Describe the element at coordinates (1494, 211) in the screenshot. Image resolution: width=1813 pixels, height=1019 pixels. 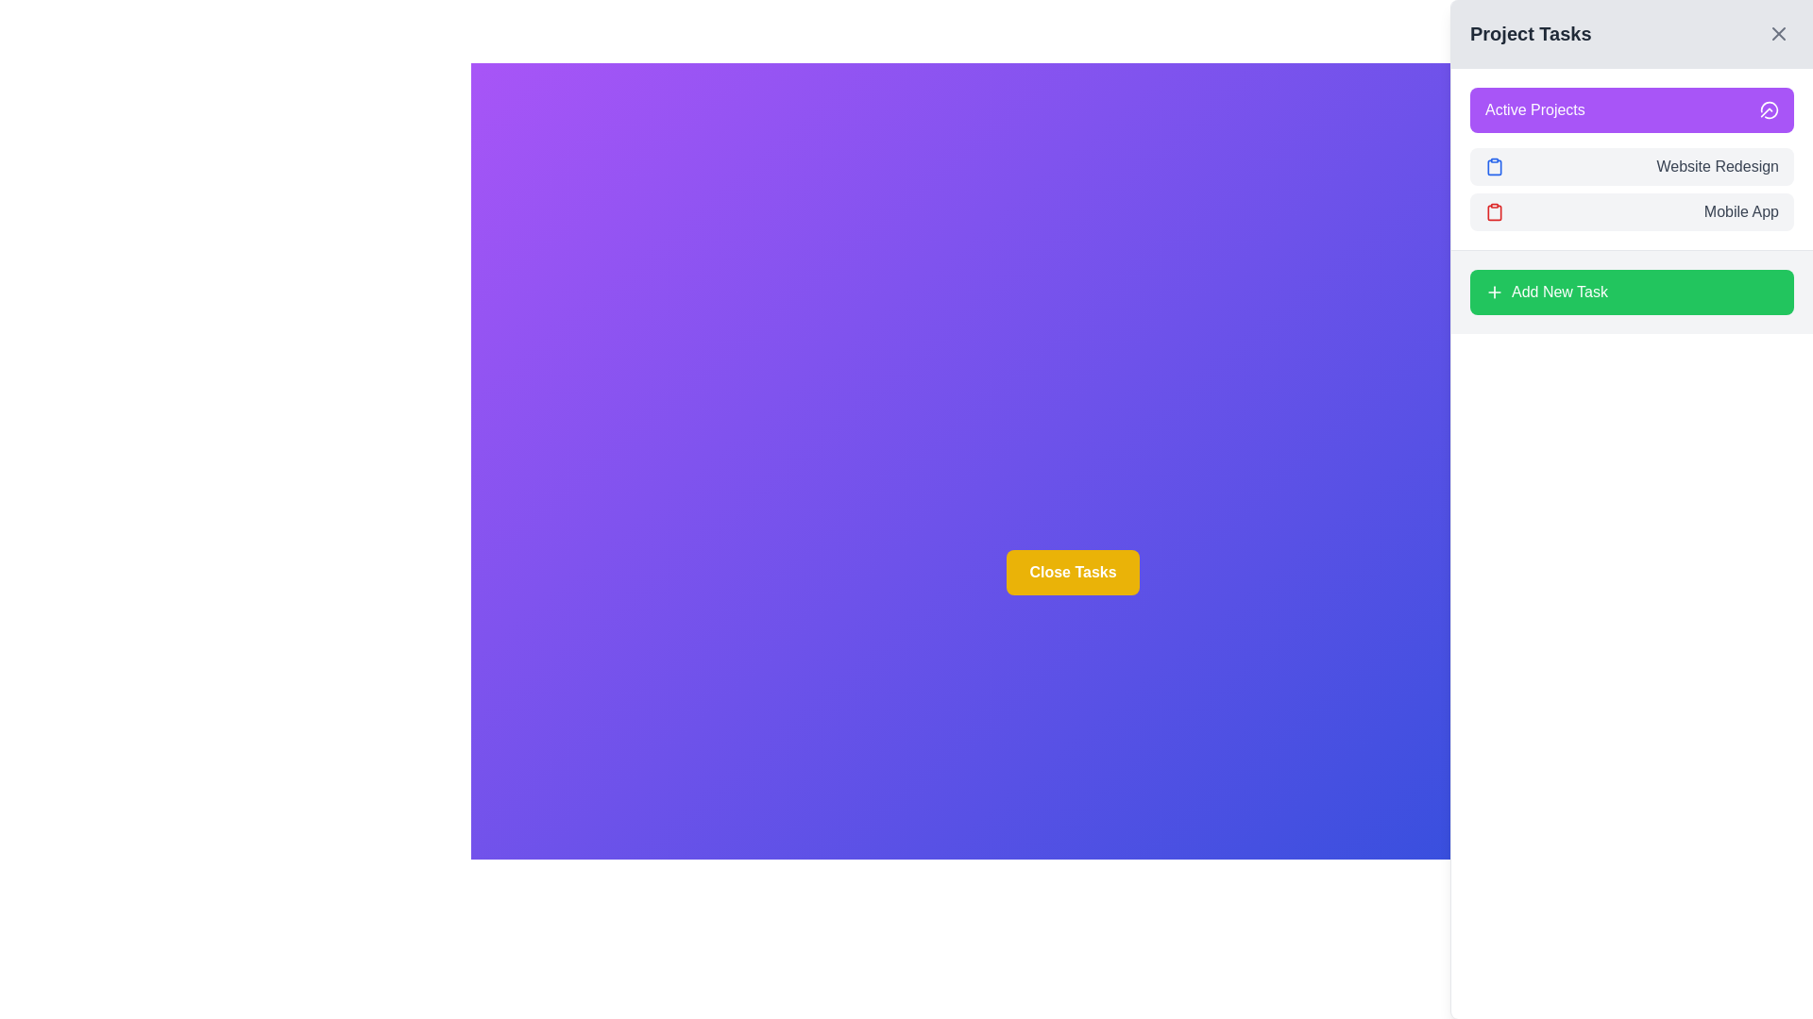
I see `the clipboard icon located next to the 'Mobile App' label in the Project Tasks sidebar` at that location.